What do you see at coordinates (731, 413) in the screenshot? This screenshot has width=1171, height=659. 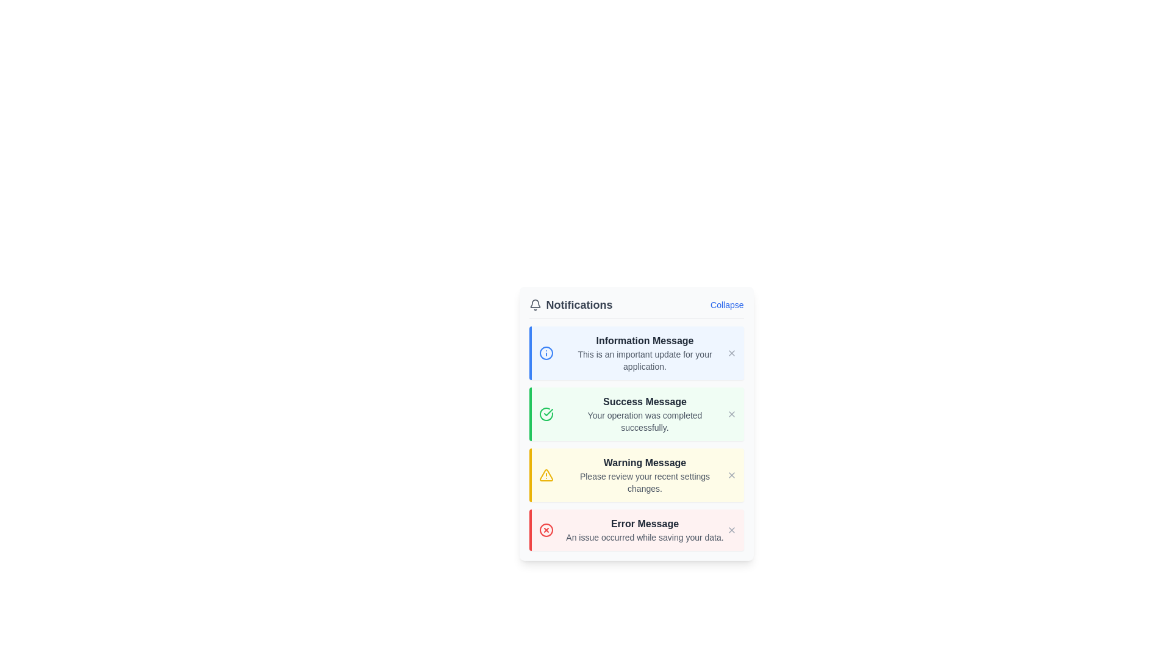 I see `the close button located on the right side of the 'Success Message' notification` at bounding box center [731, 413].